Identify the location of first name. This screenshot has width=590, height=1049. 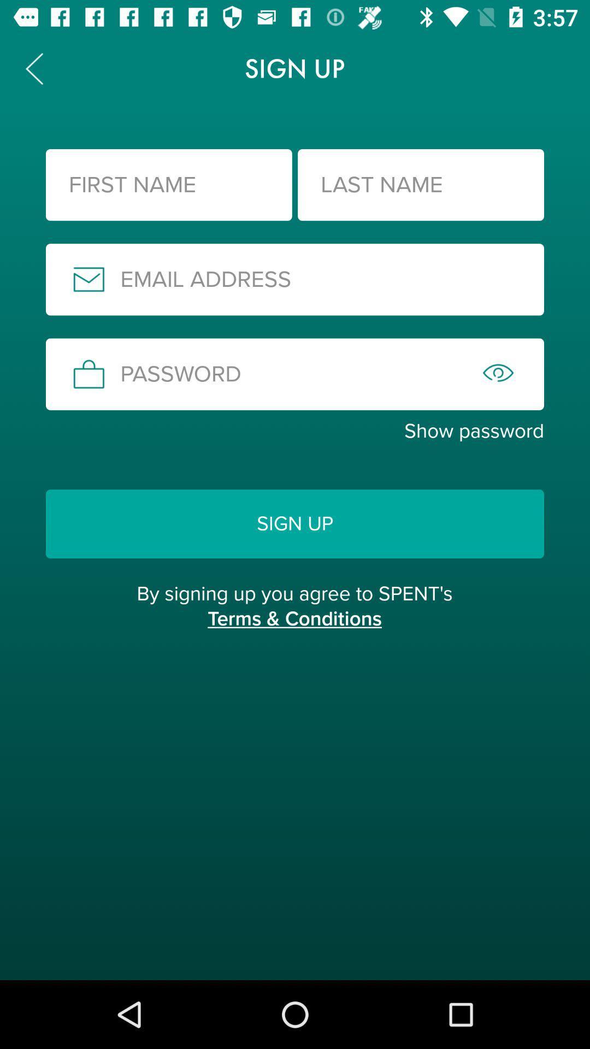
(169, 185).